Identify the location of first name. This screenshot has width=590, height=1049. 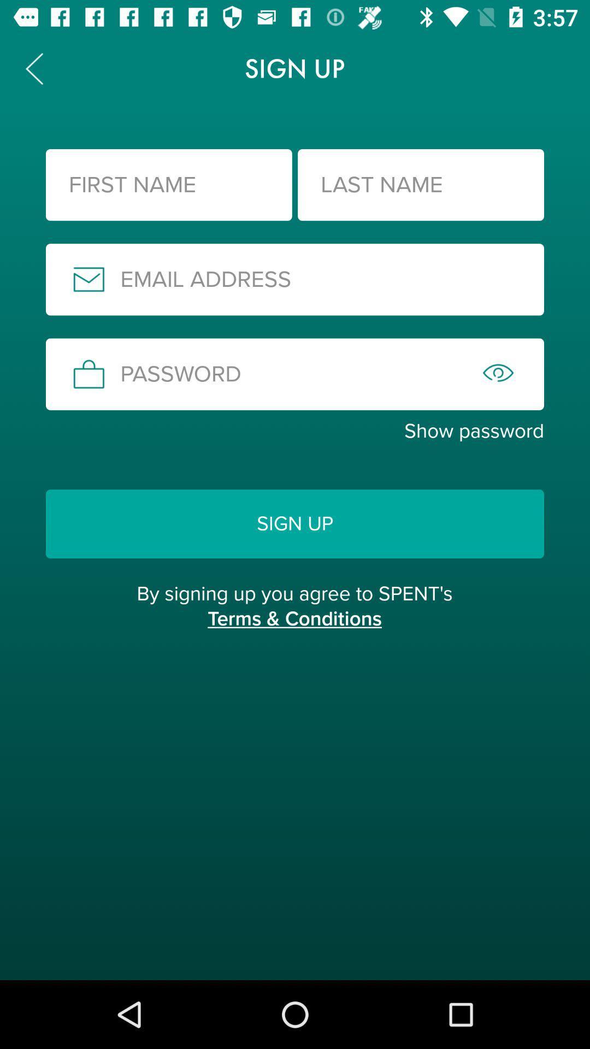
(169, 185).